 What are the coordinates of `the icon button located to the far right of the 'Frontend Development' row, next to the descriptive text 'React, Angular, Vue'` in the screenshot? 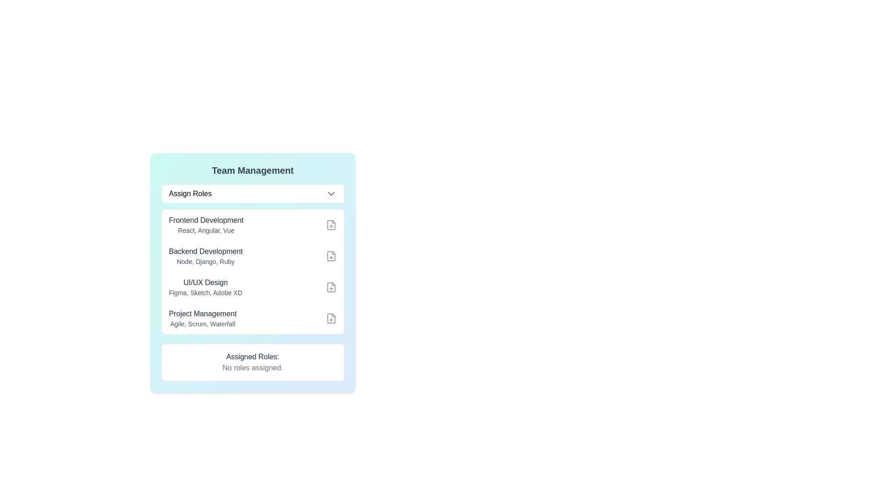 It's located at (330, 225).